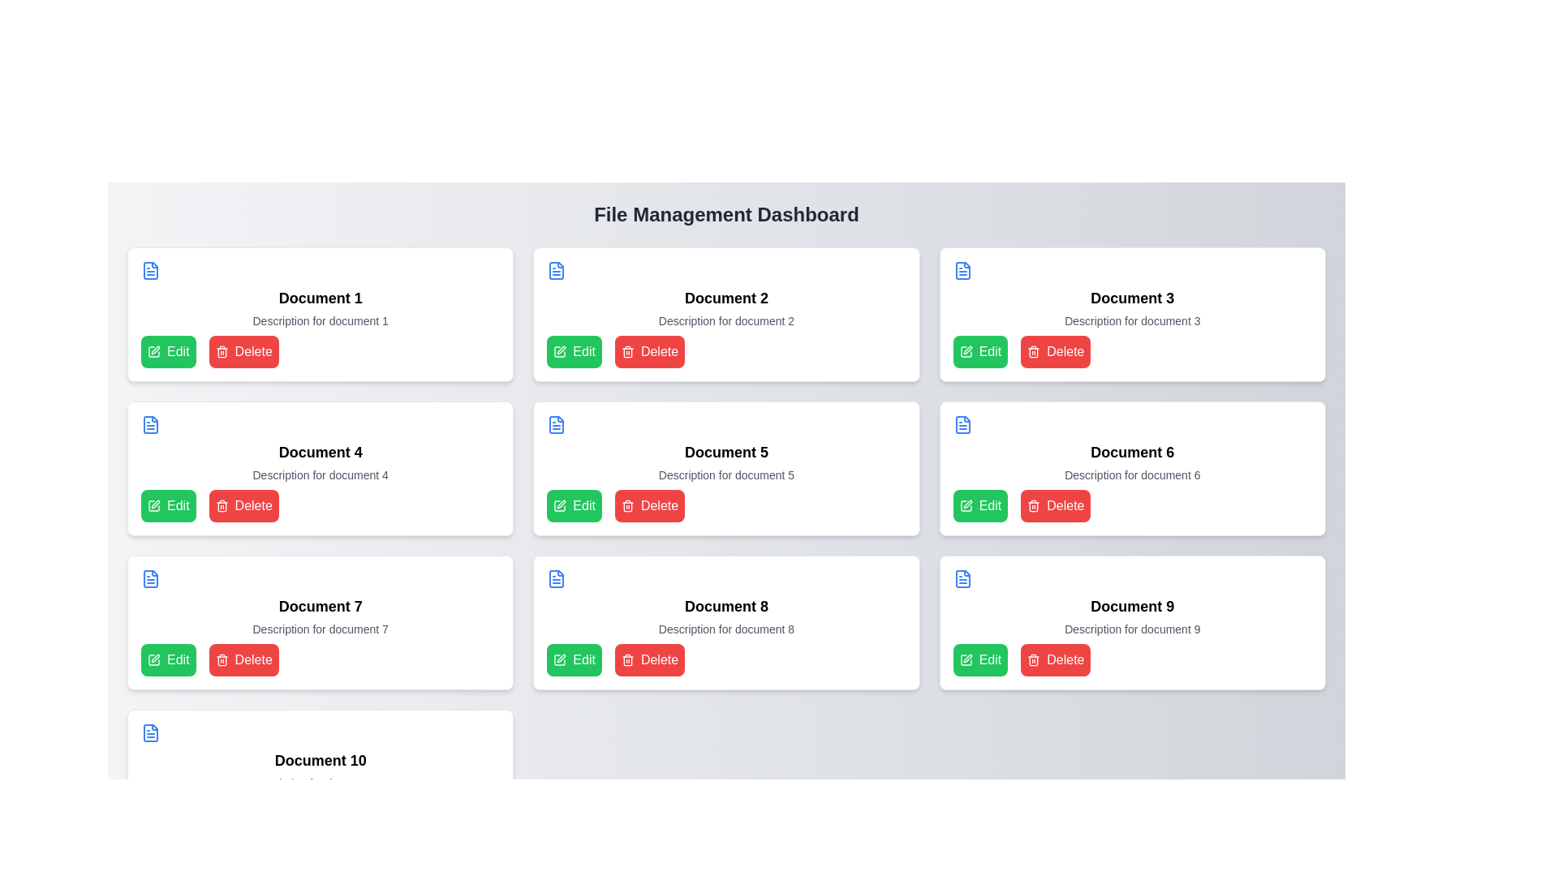 This screenshot has height=876, width=1558. I want to click on the 'Edit' button with rounded corners, which has a green background and white text, located at the bottom of the 'Document 6' card, so click(979, 505).